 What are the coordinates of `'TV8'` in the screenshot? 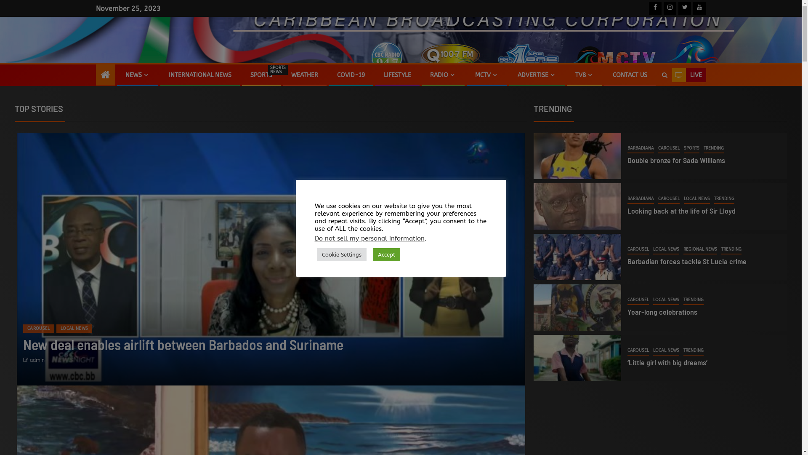 It's located at (574, 75).